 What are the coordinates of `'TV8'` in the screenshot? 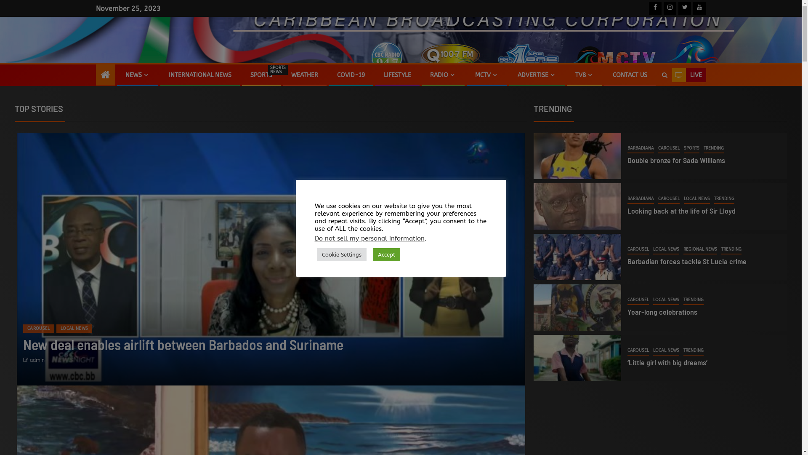 It's located at (574, 75).